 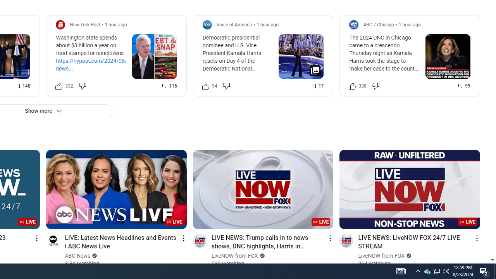 I want to click on 'ABC 7 Chicago', so click(x=379, y=24).